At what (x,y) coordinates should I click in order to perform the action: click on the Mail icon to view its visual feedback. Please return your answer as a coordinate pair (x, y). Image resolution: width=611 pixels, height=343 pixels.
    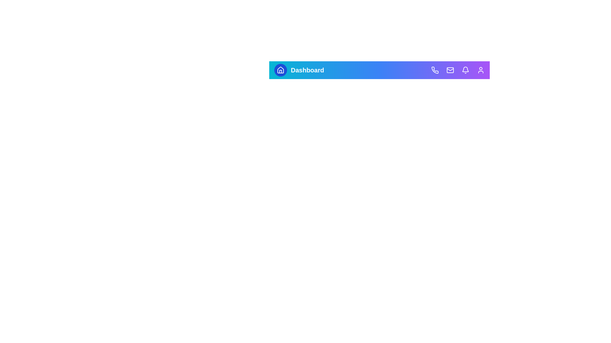
    Looking at the image, I should click on (450, 70).